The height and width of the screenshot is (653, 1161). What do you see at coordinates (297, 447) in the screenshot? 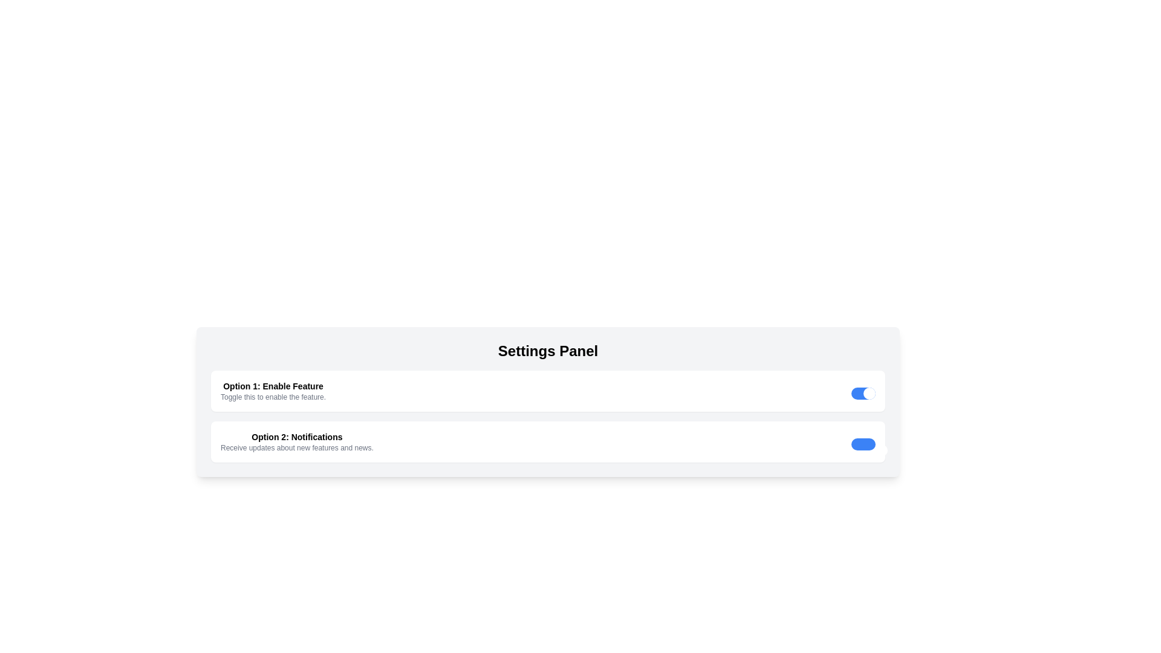
I see `the text element that reads 'Receive updates about new features and news.' which is styled in small, gray font and positioned underneath the title of 'Option 2: Notifications'` at bounding box center [297, 447].